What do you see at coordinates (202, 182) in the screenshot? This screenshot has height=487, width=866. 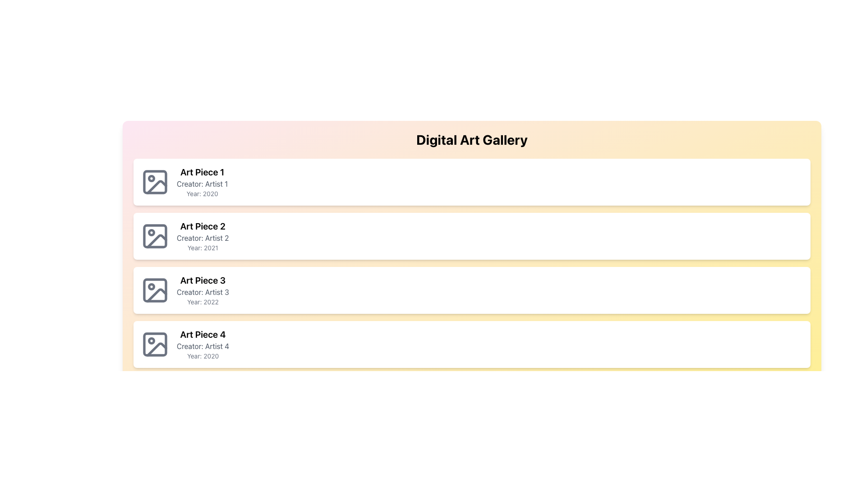 I see `the text element that provides descriptive information about the art piece, located on the first card in a vertical list of four cards` at bounding box center [202, 182].